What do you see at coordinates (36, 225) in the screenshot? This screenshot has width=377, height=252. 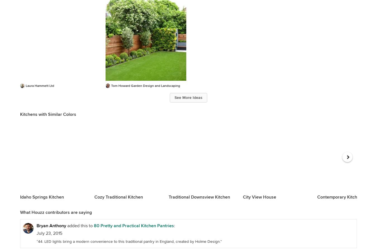 I see `'Bryan Anthony'` at bounding box center [36, 225].